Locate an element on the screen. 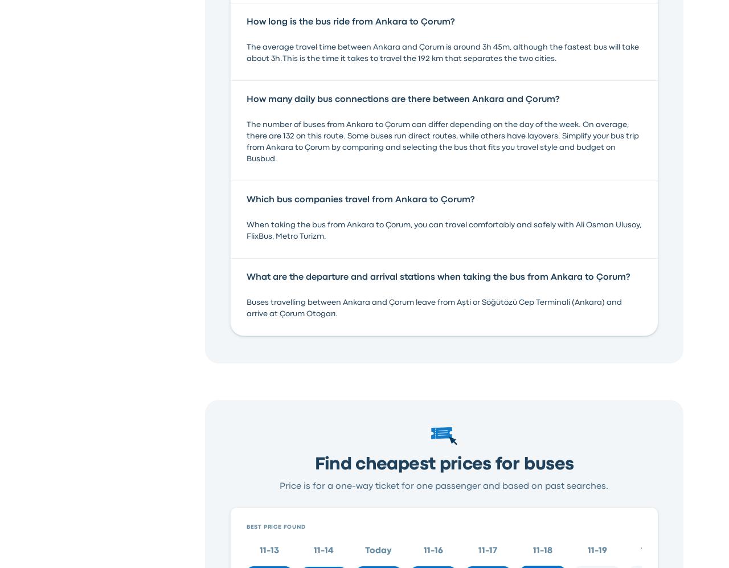  '11-14' is located at coordinates (323, 549).